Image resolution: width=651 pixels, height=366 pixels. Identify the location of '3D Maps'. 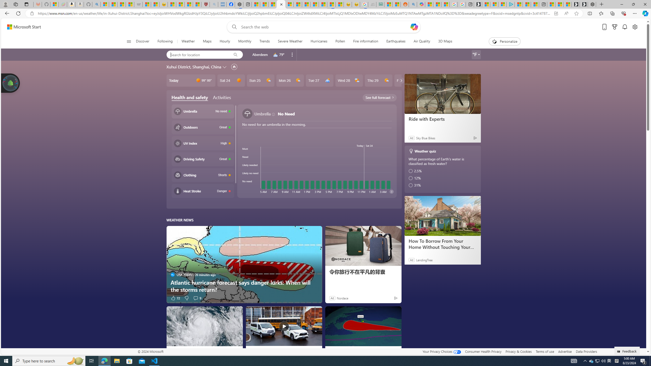
(443, 41).